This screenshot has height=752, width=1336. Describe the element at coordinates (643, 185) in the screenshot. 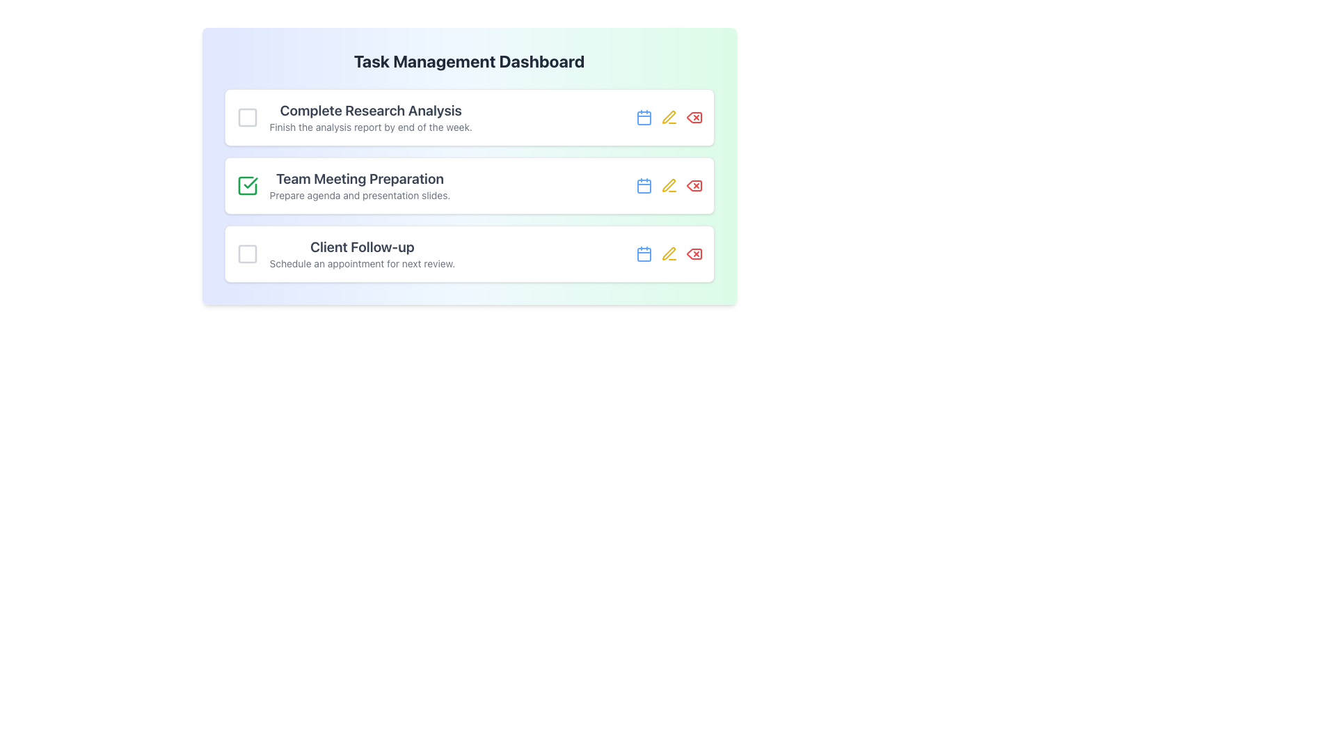

I see `the calendar icon located in the second task row, to the right of the task title text` at that location.